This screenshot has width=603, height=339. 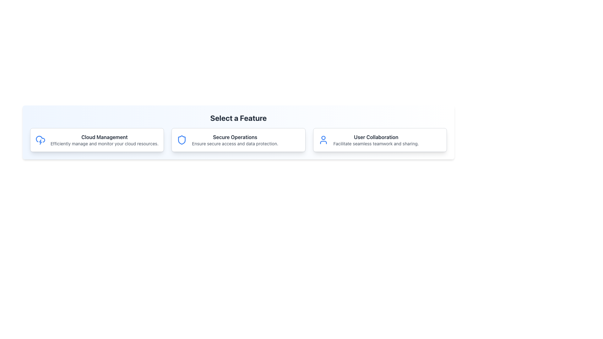 What do you see at coordinates (238, 139) in the screenshot?
I see `the 'Secure Operations' feature button, which is the second card from the left in a group of three cards, located centrally beneath the title 'Select a Feature'` at bounding box center [238, 139].